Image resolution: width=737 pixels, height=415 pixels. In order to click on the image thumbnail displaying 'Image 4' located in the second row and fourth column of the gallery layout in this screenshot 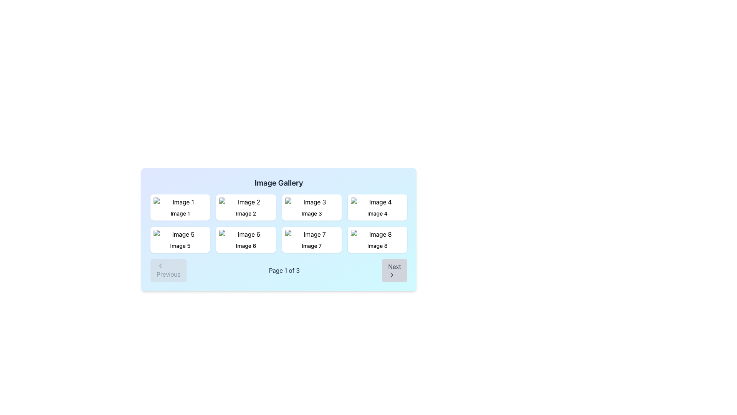, I will do `click(377, 201)`.